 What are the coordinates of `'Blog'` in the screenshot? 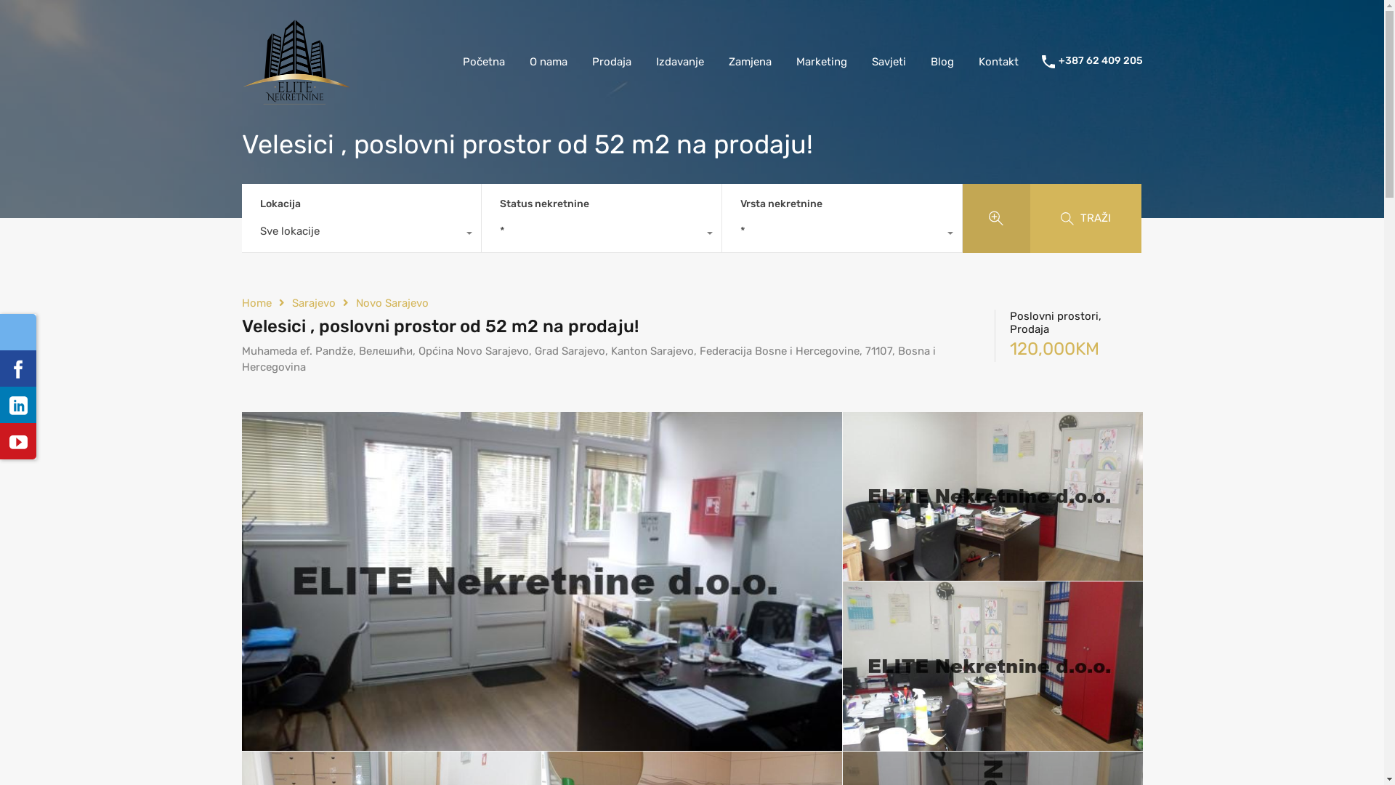 It's located at (942, 60).